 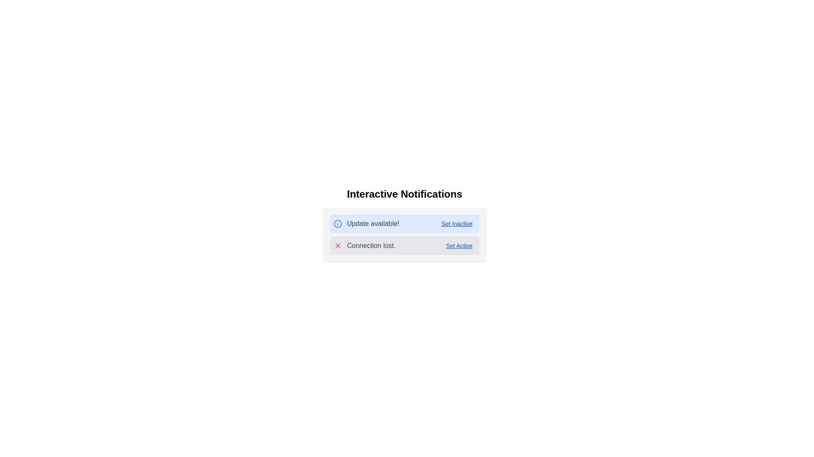 What do you see at coordinates (364, 246) in the screenshot?
I see `the static notification alert with a red cross icon and the text 'Connection lost.'` at bounding box center [364, 246].